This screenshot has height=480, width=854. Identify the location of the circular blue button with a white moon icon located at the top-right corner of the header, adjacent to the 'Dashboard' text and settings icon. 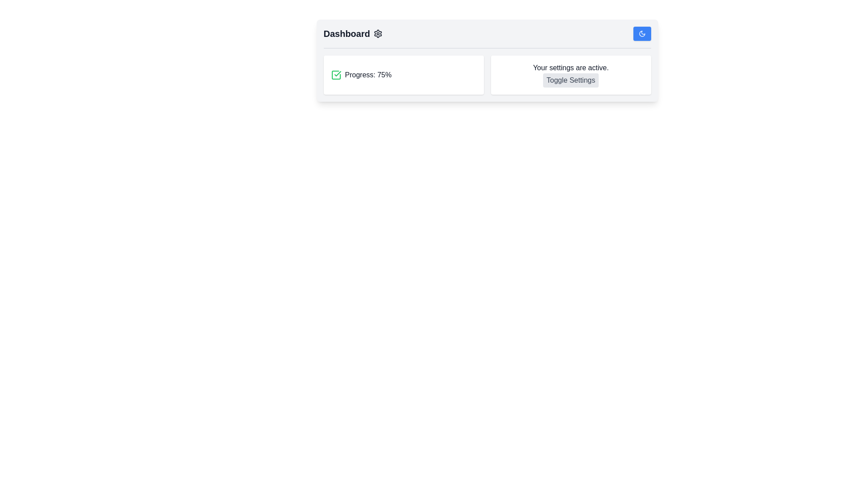
(642, 33).